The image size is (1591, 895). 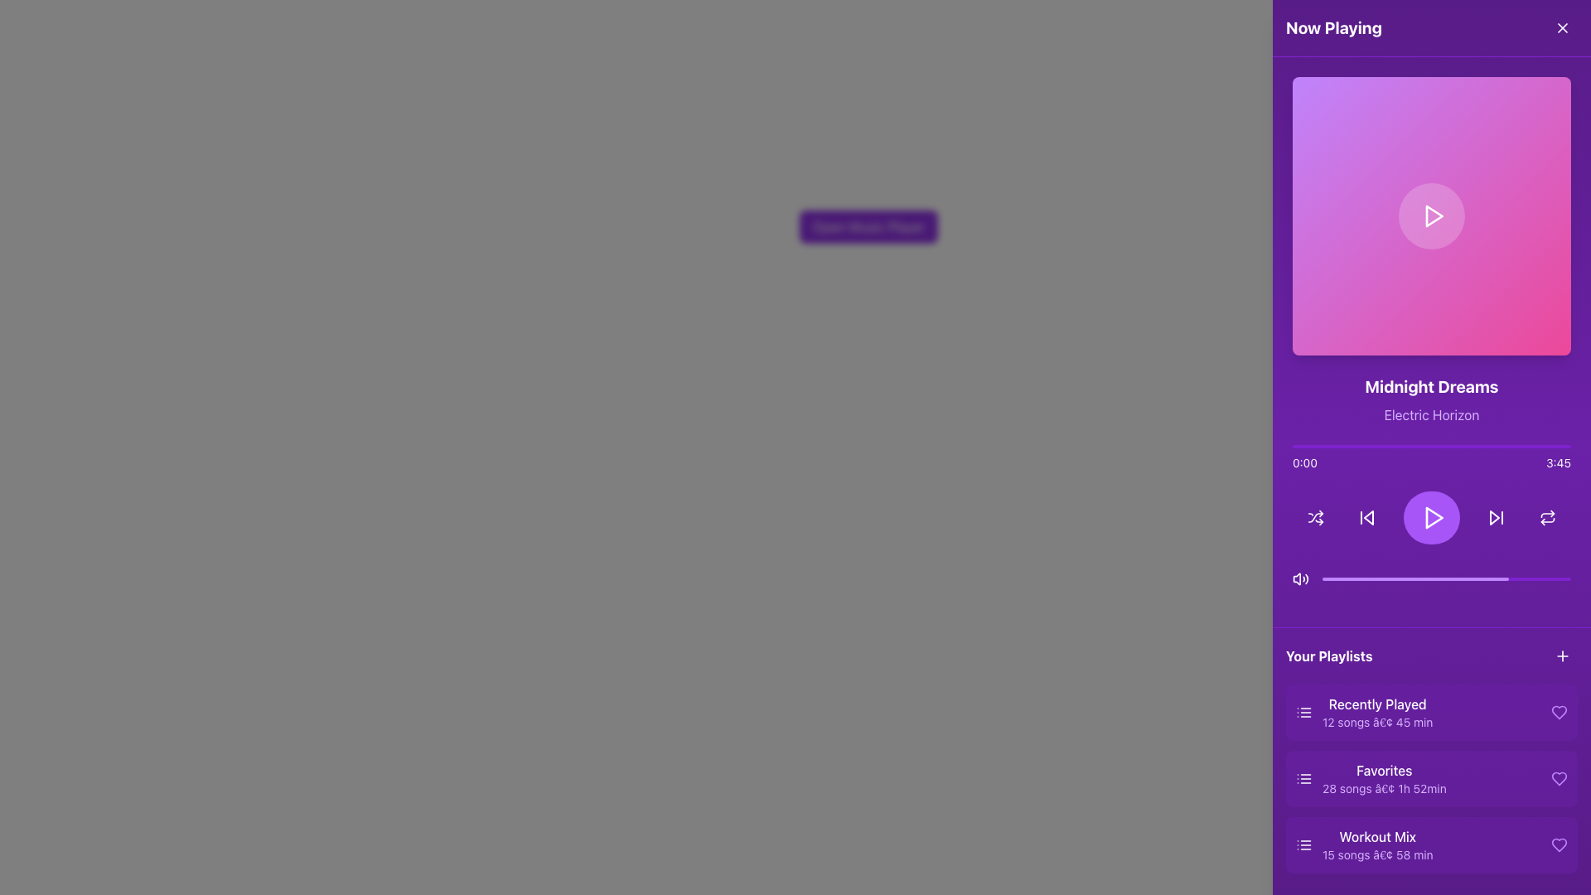 I want to click on media playback progress, so click(x=1416, y=578).